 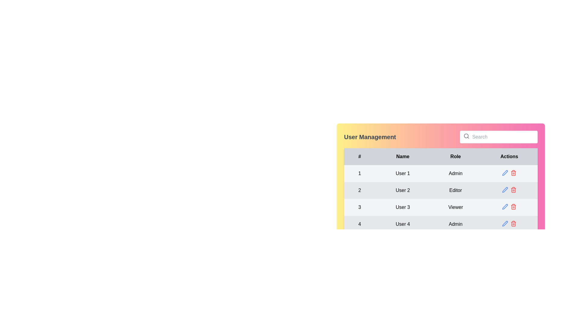 What do you see at coordinates (359, 207) in the screenshot?
I see `the numeral '3' displayed in the first column of the third row of the user management table, which is styled with center-aligned text on a light gray background` at bounding box center [359, 207].